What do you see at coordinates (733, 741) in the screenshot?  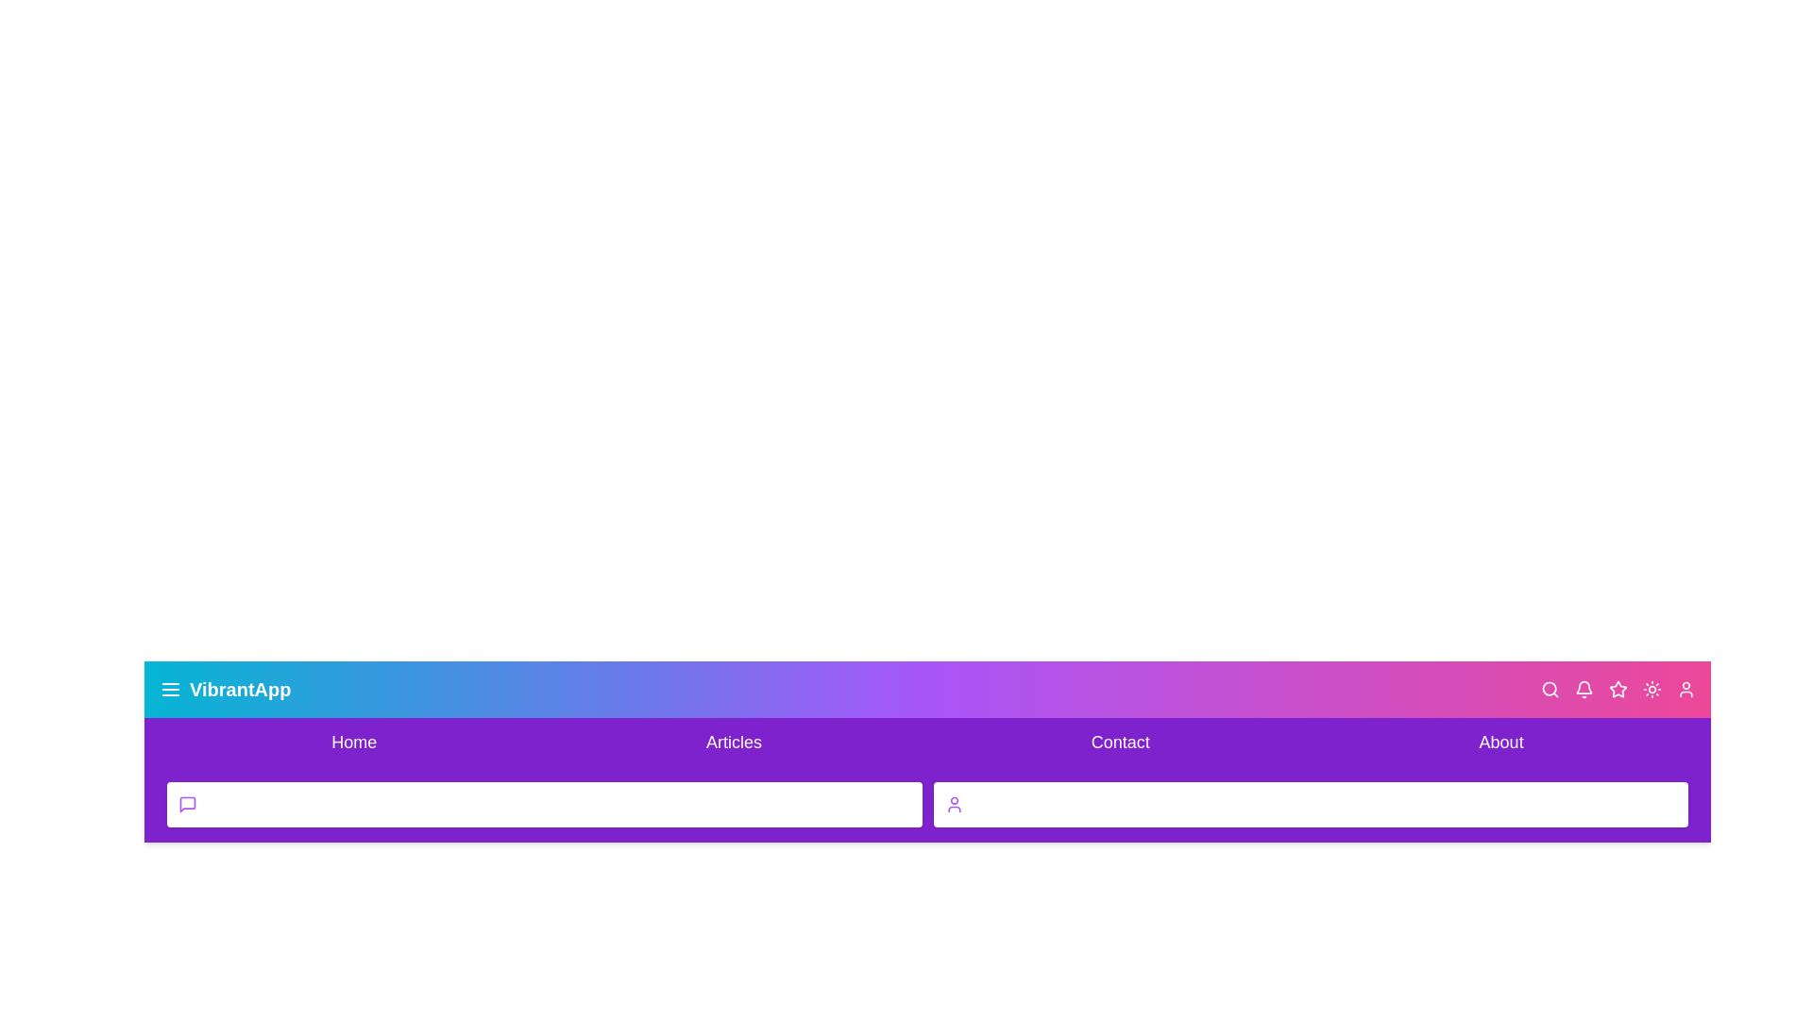 I see `the Articles navigation link to navigate to the respective section` at bounding box center [733, 741].